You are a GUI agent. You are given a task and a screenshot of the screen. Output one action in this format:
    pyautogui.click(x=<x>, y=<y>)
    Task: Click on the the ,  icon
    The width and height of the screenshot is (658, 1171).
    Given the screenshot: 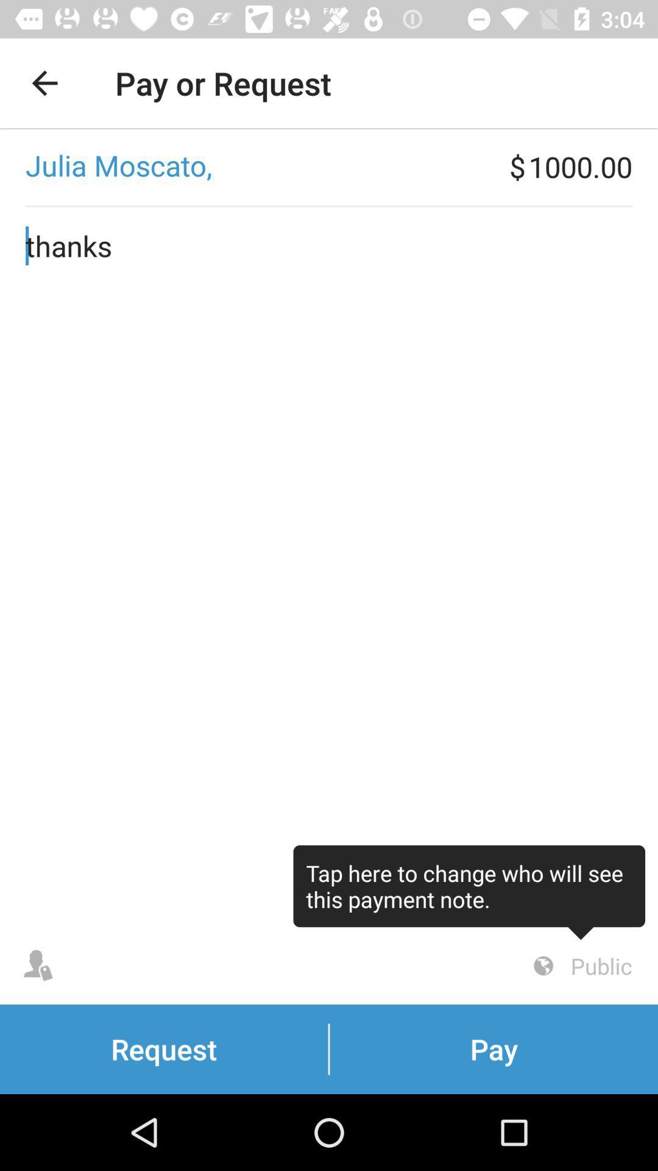 What is the action you would take?
    pyautogui.click(x=254, y=166)
    